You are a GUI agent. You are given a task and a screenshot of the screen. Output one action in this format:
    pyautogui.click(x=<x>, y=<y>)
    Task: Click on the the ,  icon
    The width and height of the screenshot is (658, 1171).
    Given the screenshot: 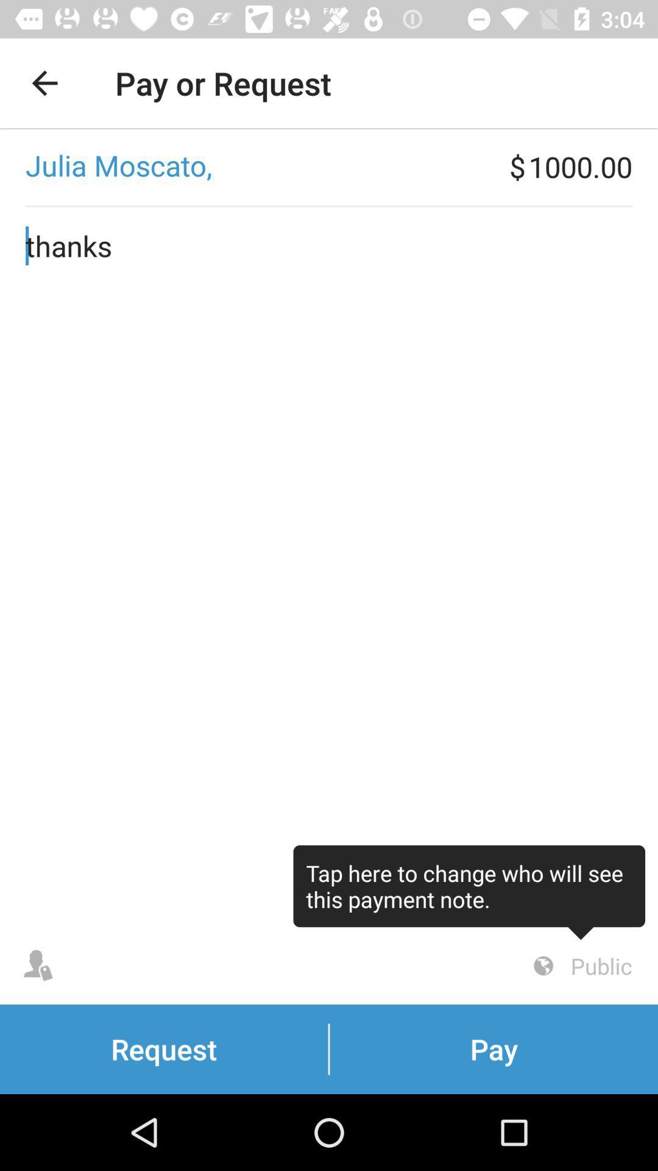 What is the action you would take?
    pyautogui.click(x=254, y=166)
    